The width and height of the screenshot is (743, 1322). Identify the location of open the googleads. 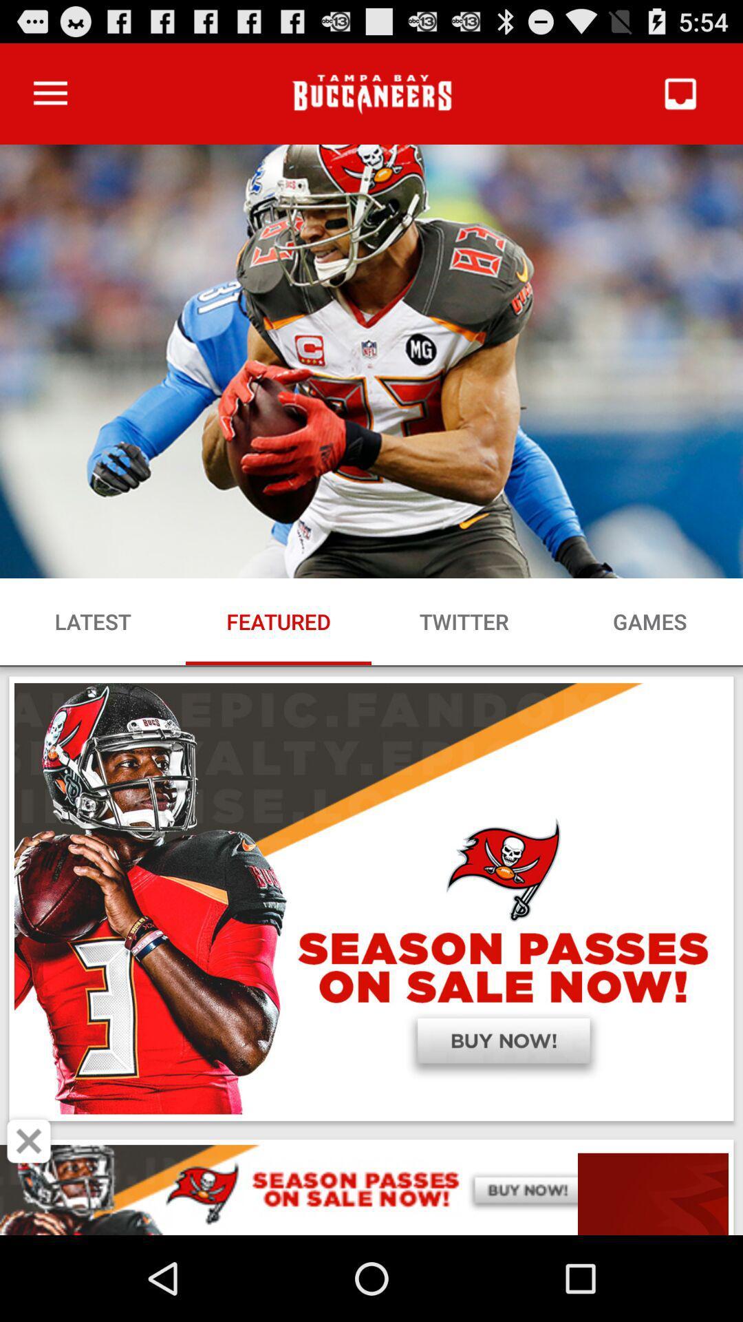
(371, 1189).